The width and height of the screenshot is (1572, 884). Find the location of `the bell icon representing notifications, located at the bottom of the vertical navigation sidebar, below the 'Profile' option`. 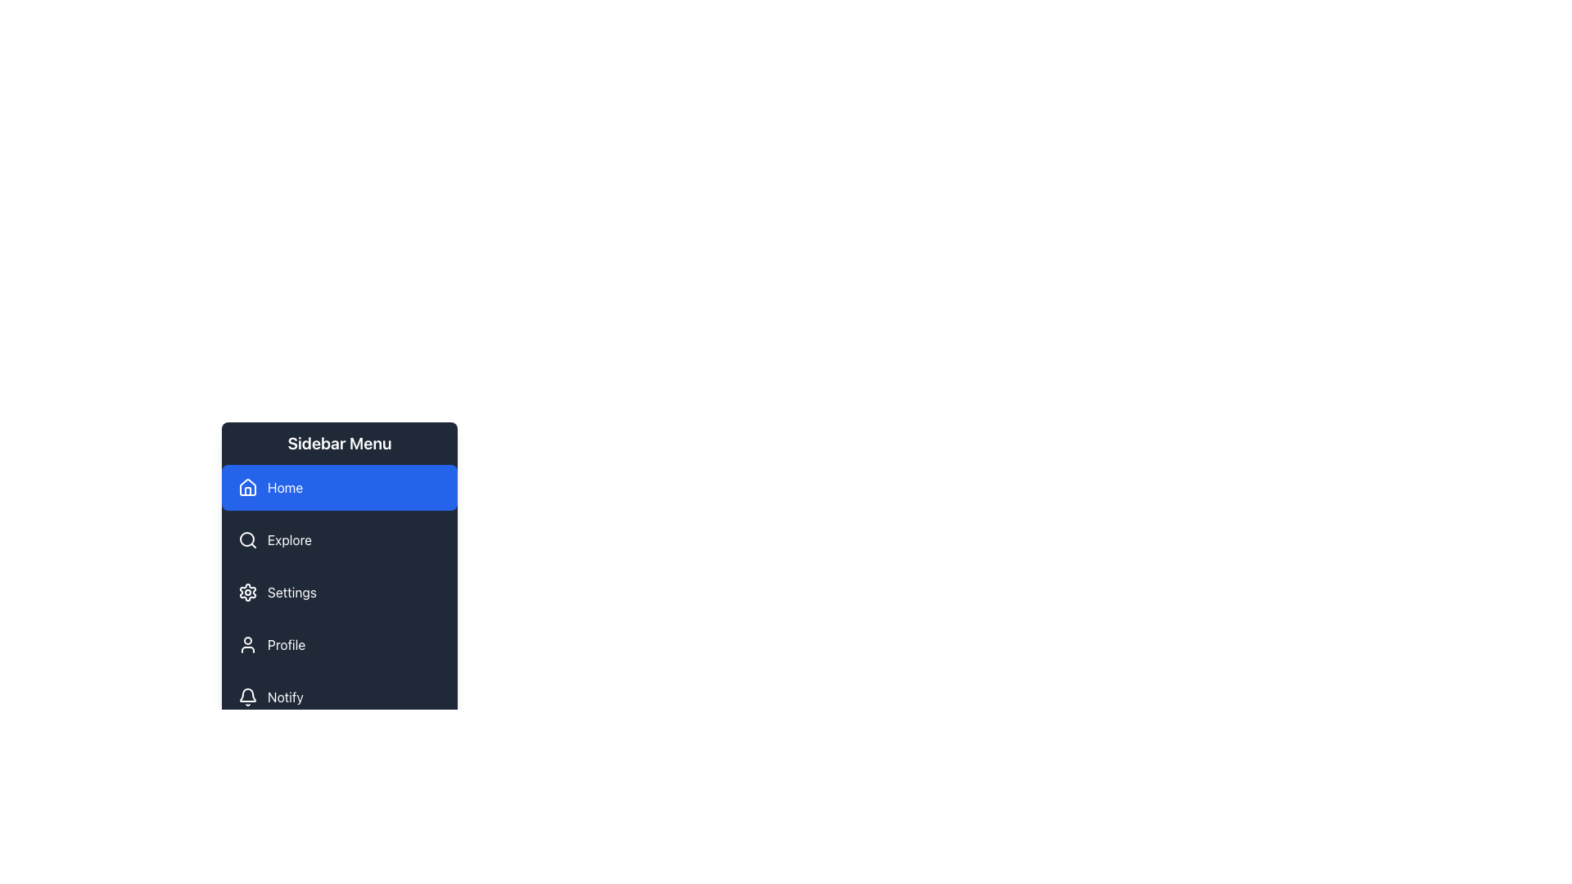

the bell icon representing notifications, located at the bottom of the vertical navigation sidebar, below the 'Profile' option is located at coordinates (246, 695).